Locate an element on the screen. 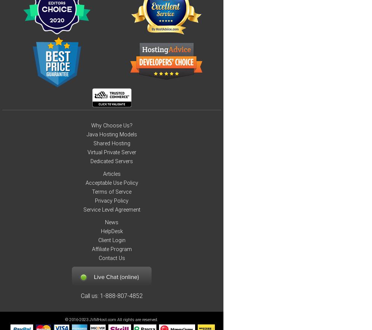 This screenshot has width=372, height=330. 'Affiliate Program' is located at coordinates (111, 249).